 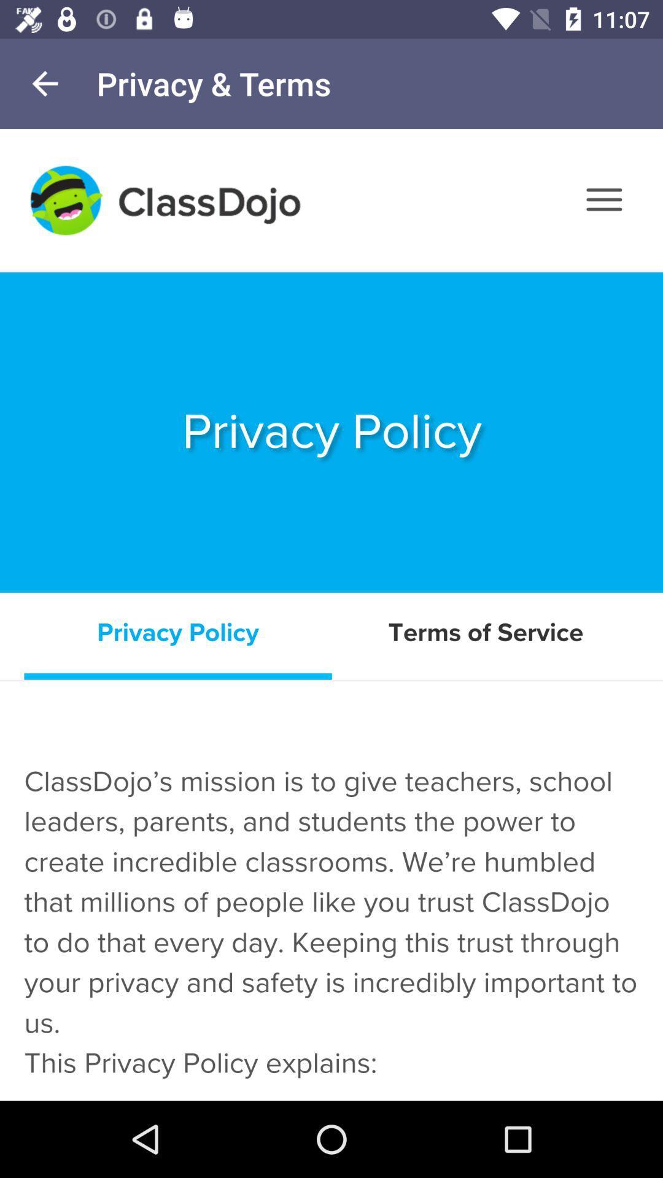 I want to click on color print, so click(x=331, y=615).